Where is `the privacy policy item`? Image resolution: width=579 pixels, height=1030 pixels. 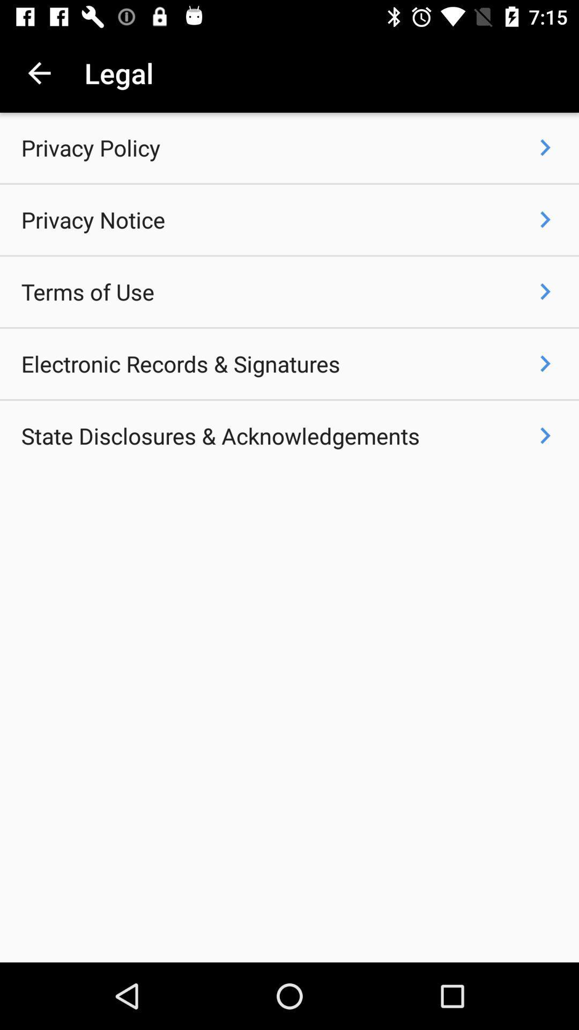
the privacy policy item is located at coordinates (90, 147).